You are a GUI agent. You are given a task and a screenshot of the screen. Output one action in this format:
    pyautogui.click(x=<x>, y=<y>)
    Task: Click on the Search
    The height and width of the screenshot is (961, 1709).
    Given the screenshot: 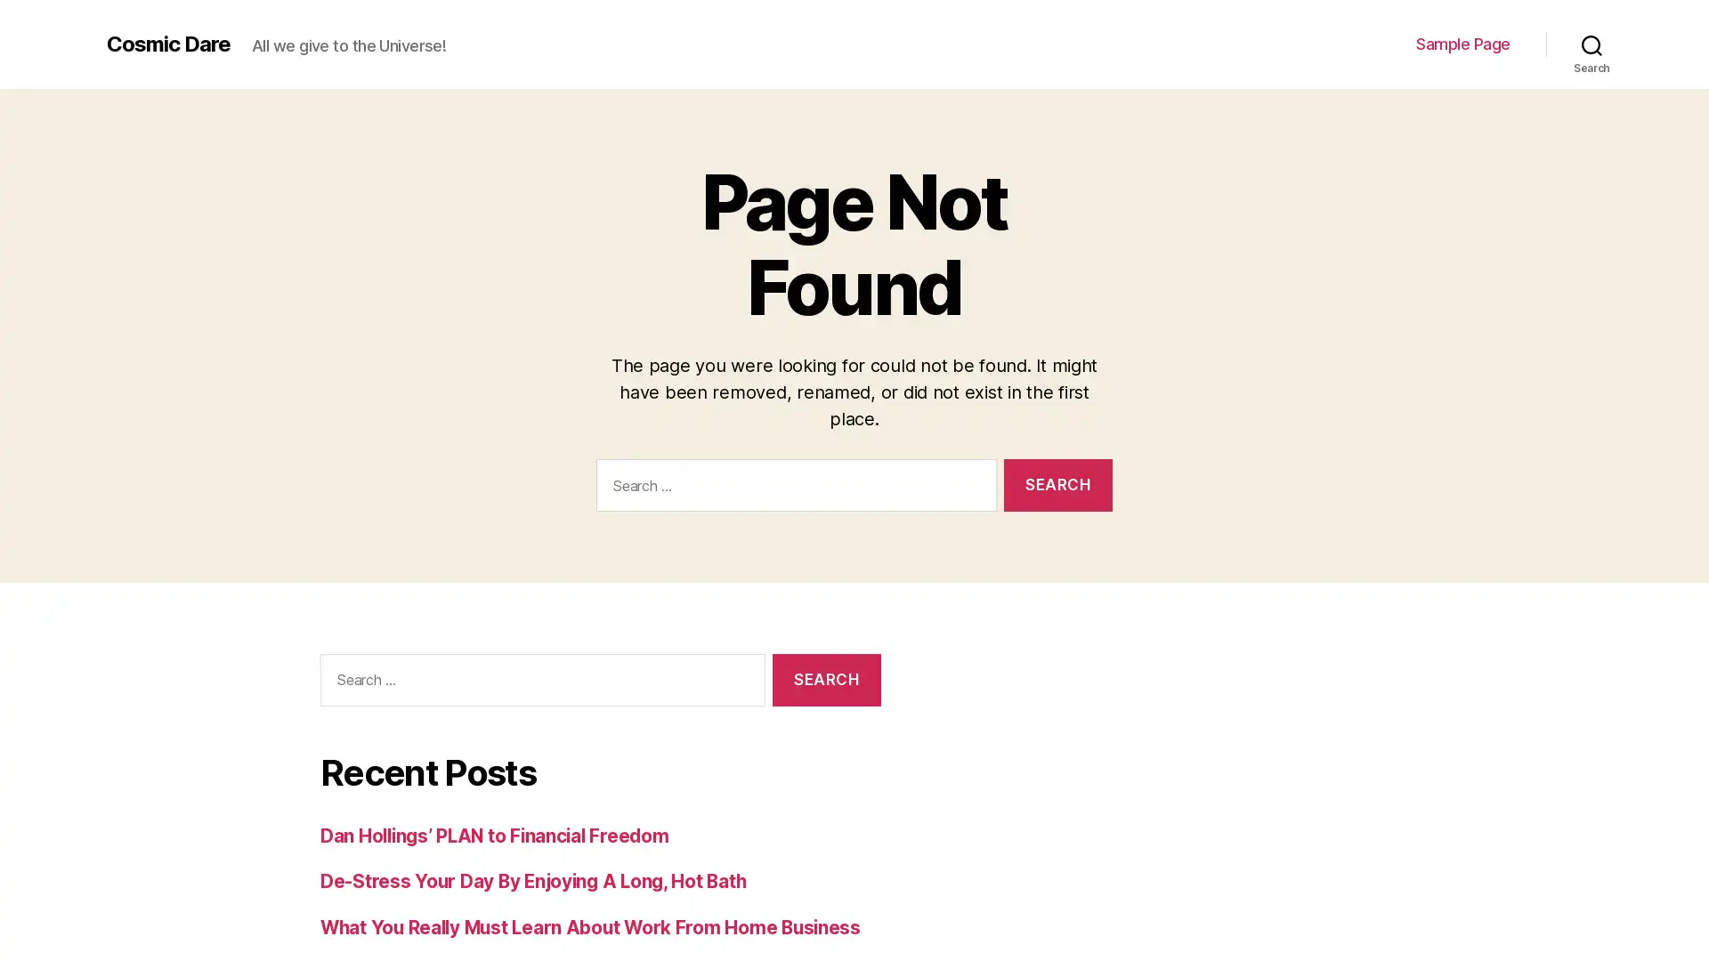 What is the action you would take?
    pyautogui.click(x=825, y=679)
    